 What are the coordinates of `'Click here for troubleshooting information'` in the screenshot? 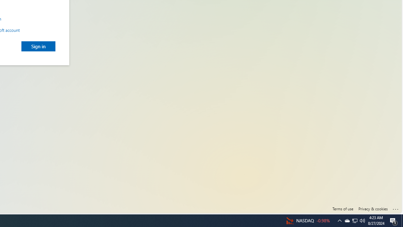 It's located at (395, 208).